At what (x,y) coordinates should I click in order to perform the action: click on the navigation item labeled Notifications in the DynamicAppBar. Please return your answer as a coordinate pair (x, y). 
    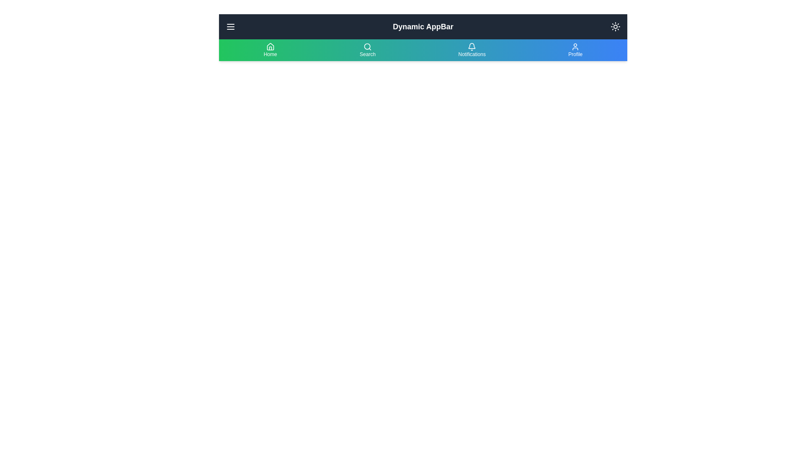
    Looking at the image, I should click on (472, 50).